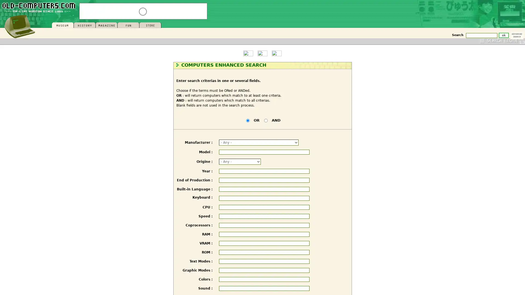  Describe the element at coordinates (503, 35) in the screenshot. I see `ok` at that location.